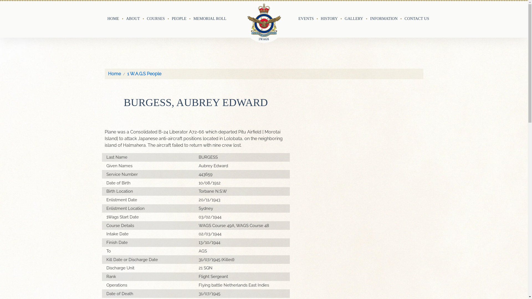 Image resolution: width=532 pixels, height=299 pixels. Describe the element at coordinates (123, 18) in the screenshot. I see `'ABOUT'` at that location.